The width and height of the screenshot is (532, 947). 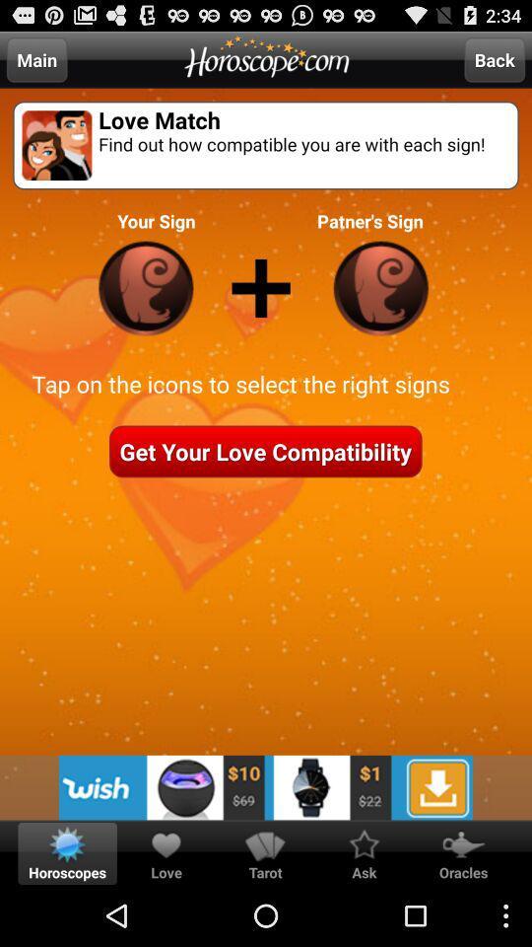 What do you see at coordinates (266, 787) in the screenshot?
I see `advertisement at bottom` at bounding box center [266, 787].